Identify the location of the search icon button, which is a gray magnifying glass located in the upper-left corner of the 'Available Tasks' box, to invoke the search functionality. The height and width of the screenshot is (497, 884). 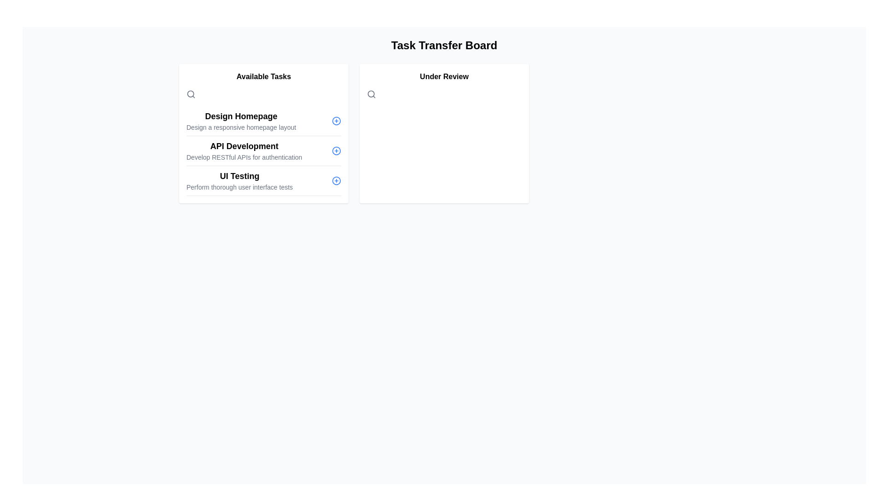
(190, 94).